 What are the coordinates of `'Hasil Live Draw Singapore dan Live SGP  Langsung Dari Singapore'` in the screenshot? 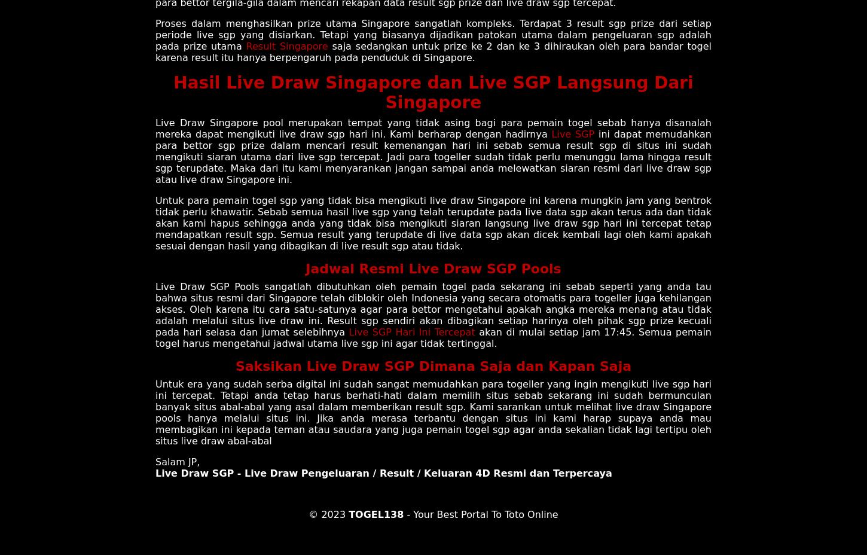 It's located at (432, 92).